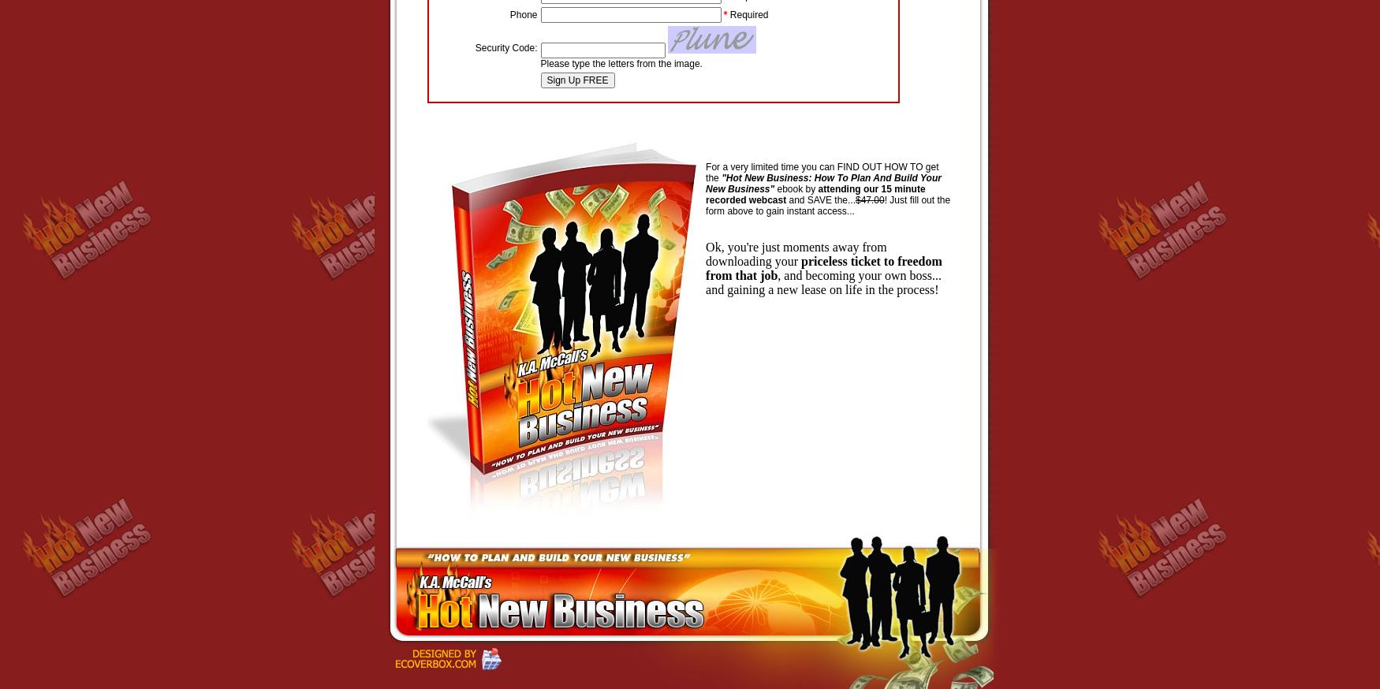 The image size is (1380, 689). Describe the element at coordinates (505, 46) in the screenshot. I see `'Security Code:'` at that location.